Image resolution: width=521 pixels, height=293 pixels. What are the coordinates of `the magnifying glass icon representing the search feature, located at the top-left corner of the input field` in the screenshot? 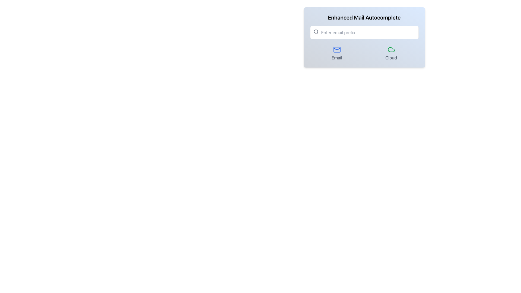 It's located at (316, 31).